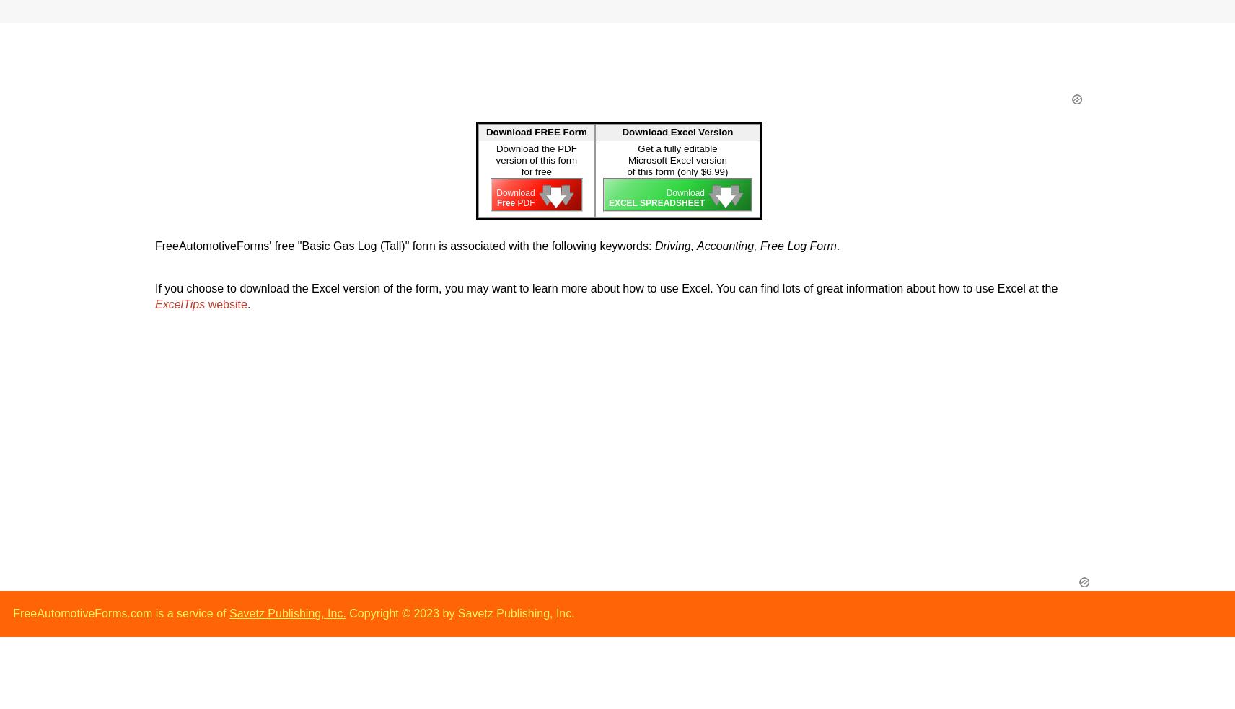 Image resolution: width=1235 pixels, height=709 pixels. I want to click on 'Download Excel Version', so click(677, 132).